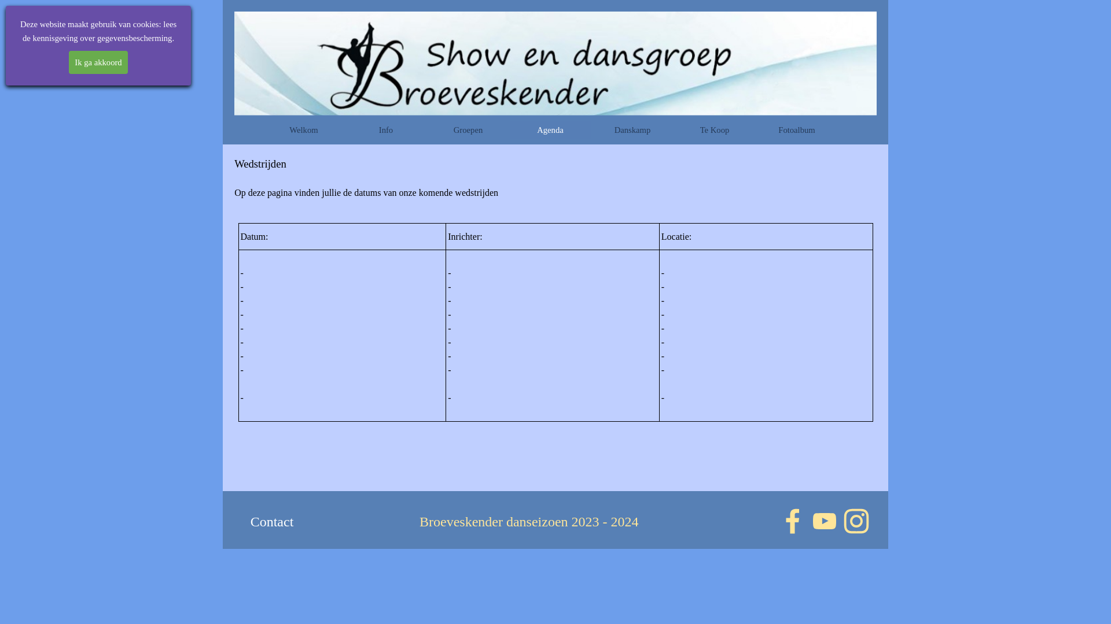 The height and width of the screenshot is (624, 1111). Describe the element at coordinates (271, 522) in the screenshot. I see `'Contact'` at that location.